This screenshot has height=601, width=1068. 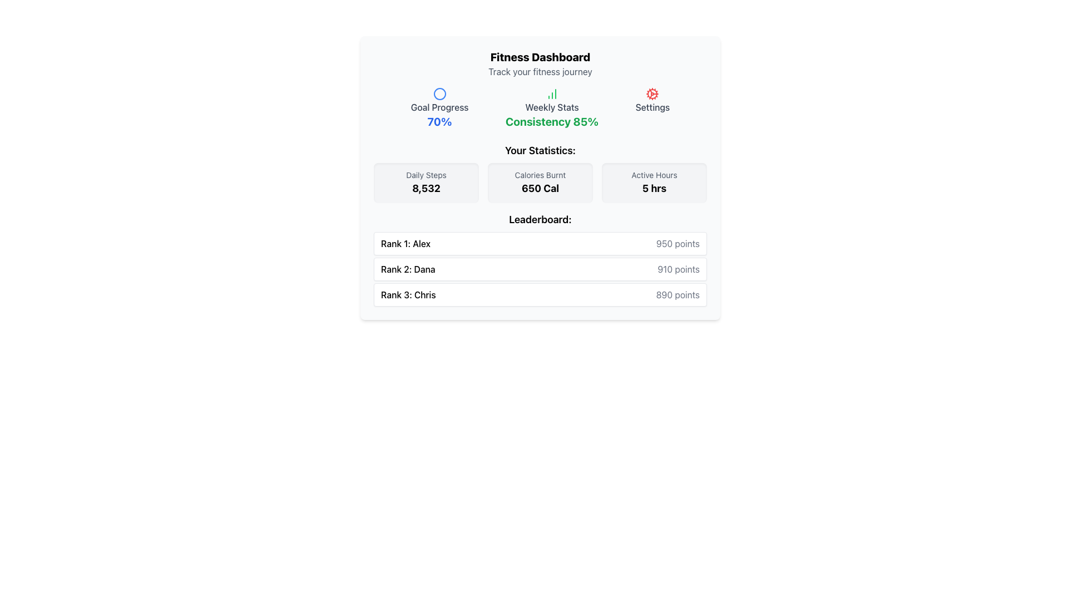 I want to click on the daily step count text located within the 'Daily Steps' card, which is directly below the 'Daily Steps' label in the 'Your Statistics' section, so click(x=426, y=188).